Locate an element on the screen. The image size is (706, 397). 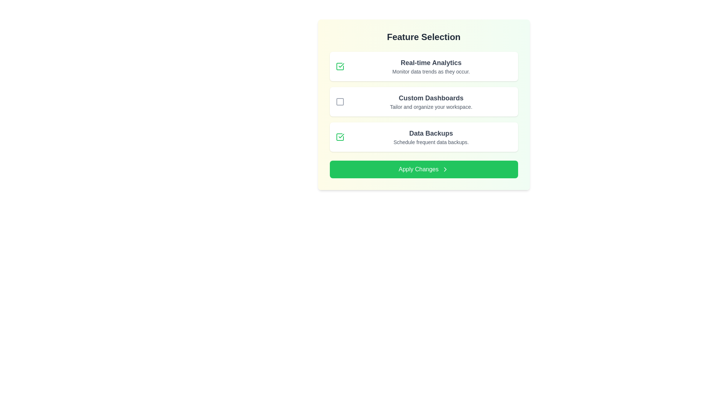
the informational UI element that contains the header 'Custom Dashboards' and the subtext 'Tailor and organize your workspace.' is located at coordinates (431, 102).